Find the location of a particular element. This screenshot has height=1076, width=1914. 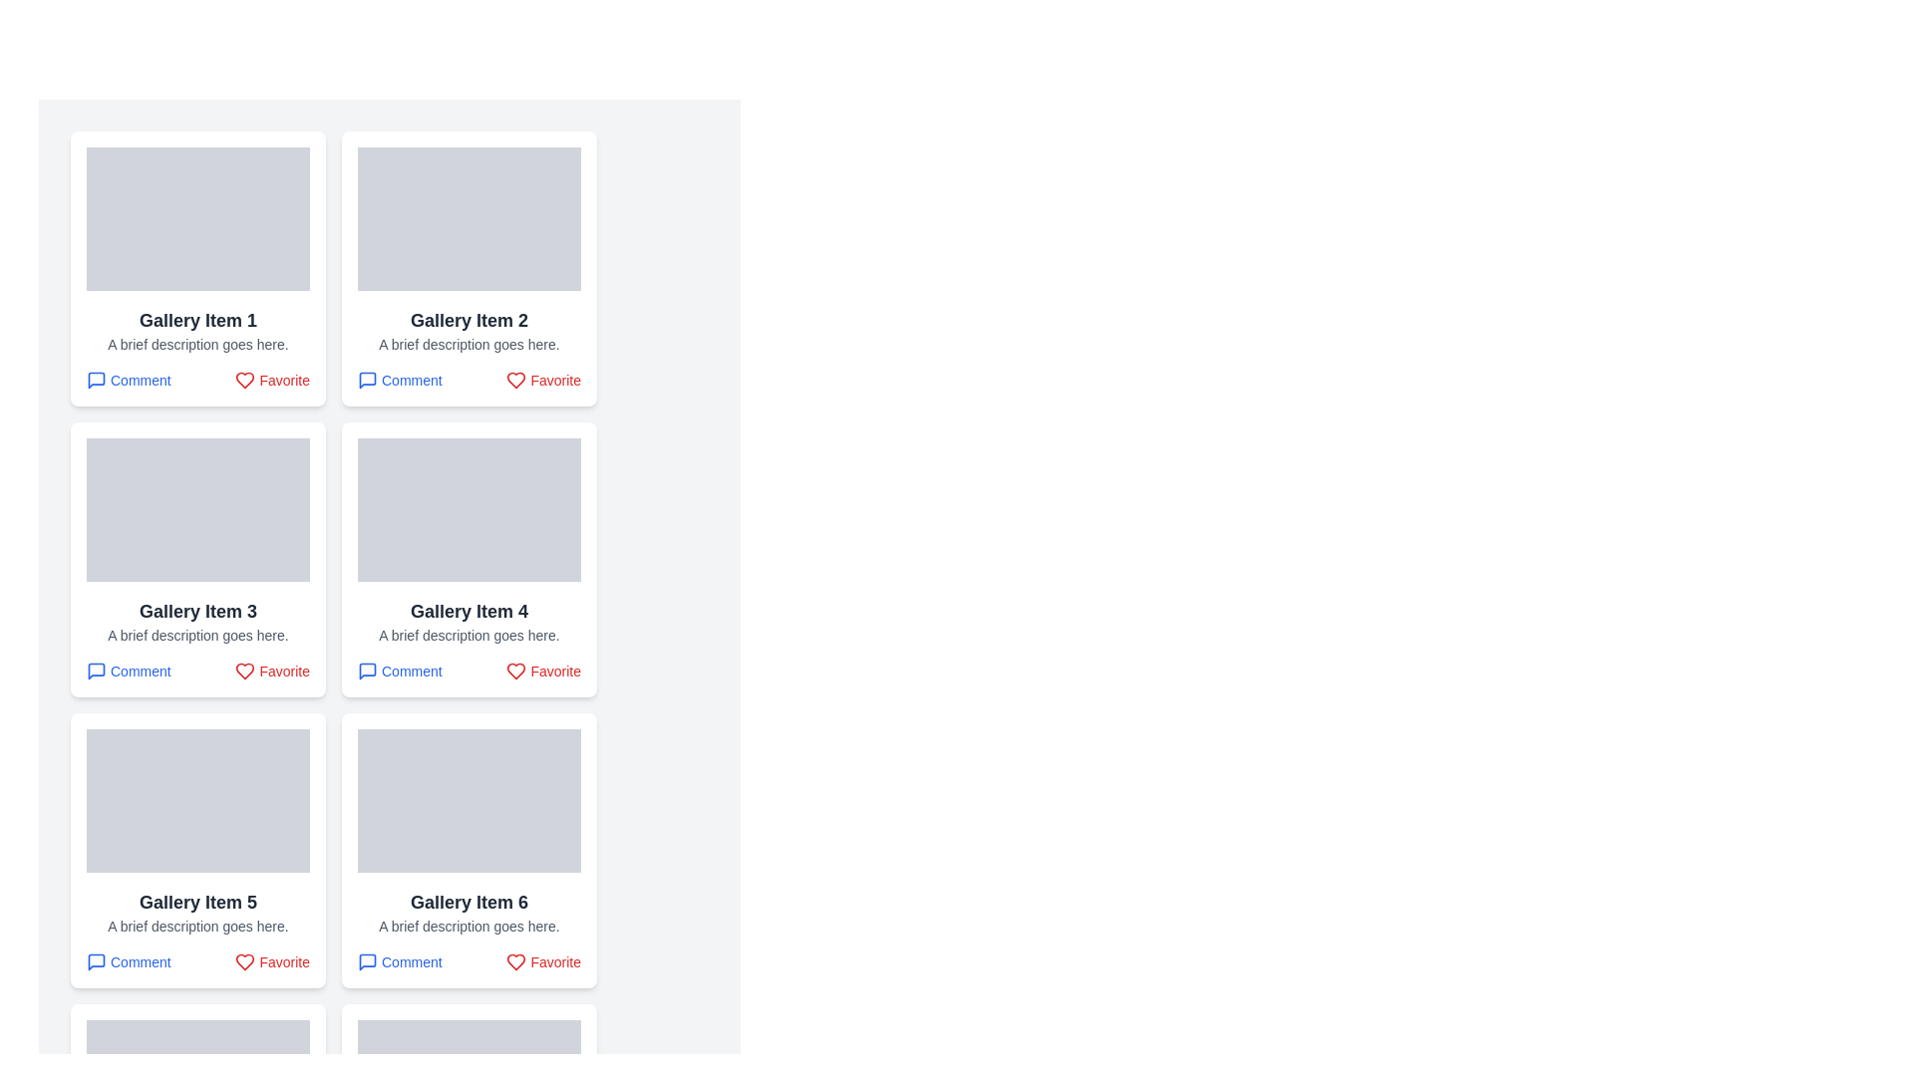

the 'Comment' button located below 'Gallery Item 4' to initiate a comment action is located at coordinates (399, 672).